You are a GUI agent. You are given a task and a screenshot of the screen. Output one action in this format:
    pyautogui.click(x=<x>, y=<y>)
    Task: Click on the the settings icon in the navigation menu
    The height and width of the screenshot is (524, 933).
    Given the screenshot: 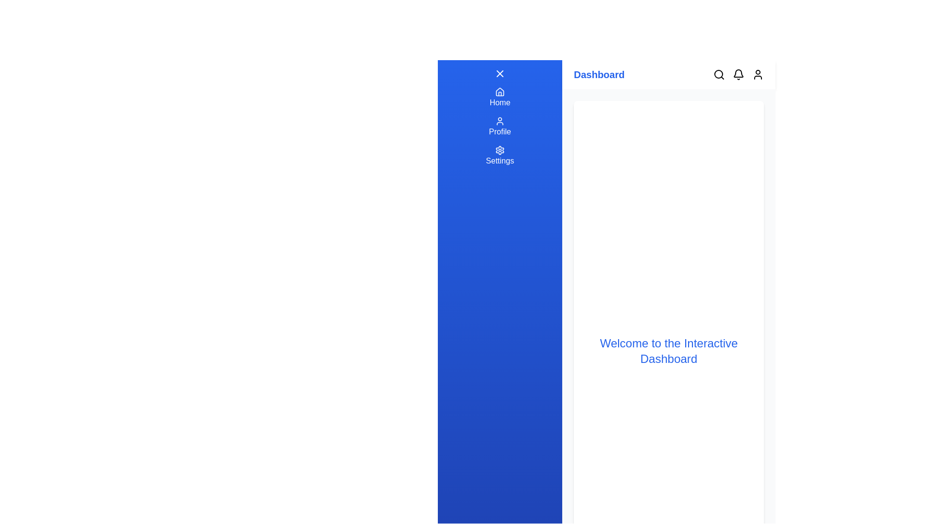 What is the action you would take?
    pyautogui.click(x=500, y=150)
    